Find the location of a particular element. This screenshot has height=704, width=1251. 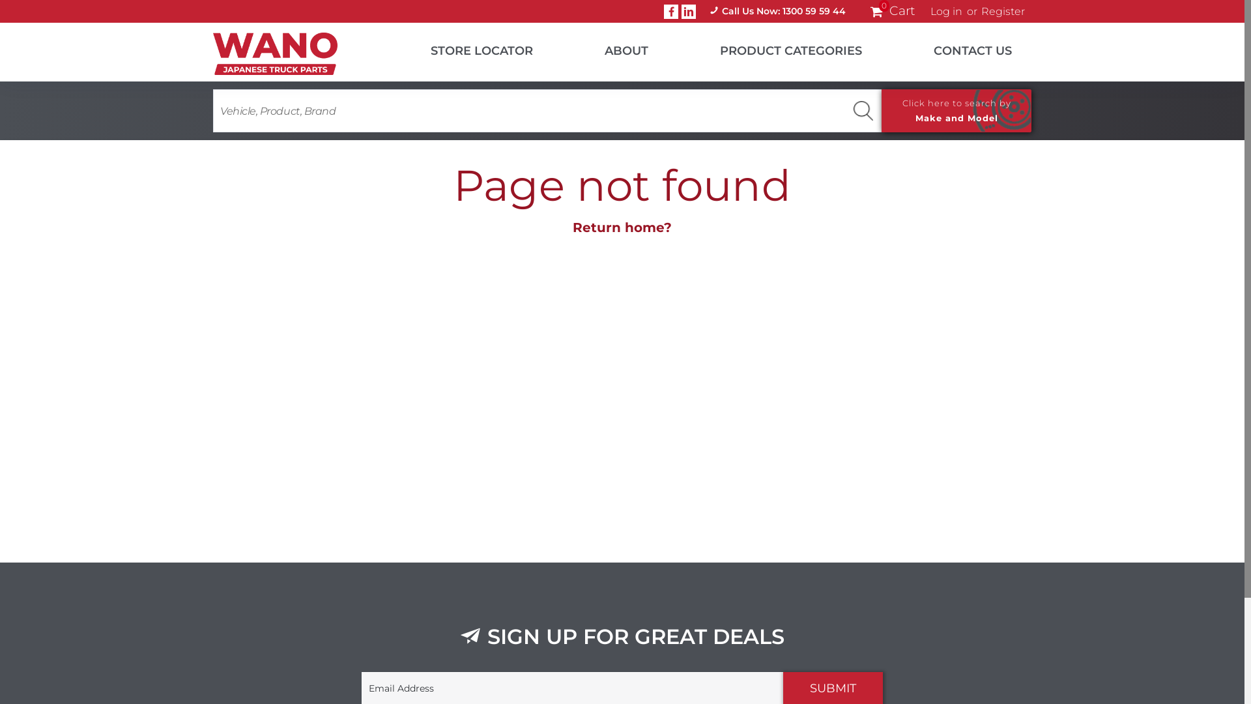

'Call Us Now: 1300 59 59 44' is located at coordinates (699, 11).